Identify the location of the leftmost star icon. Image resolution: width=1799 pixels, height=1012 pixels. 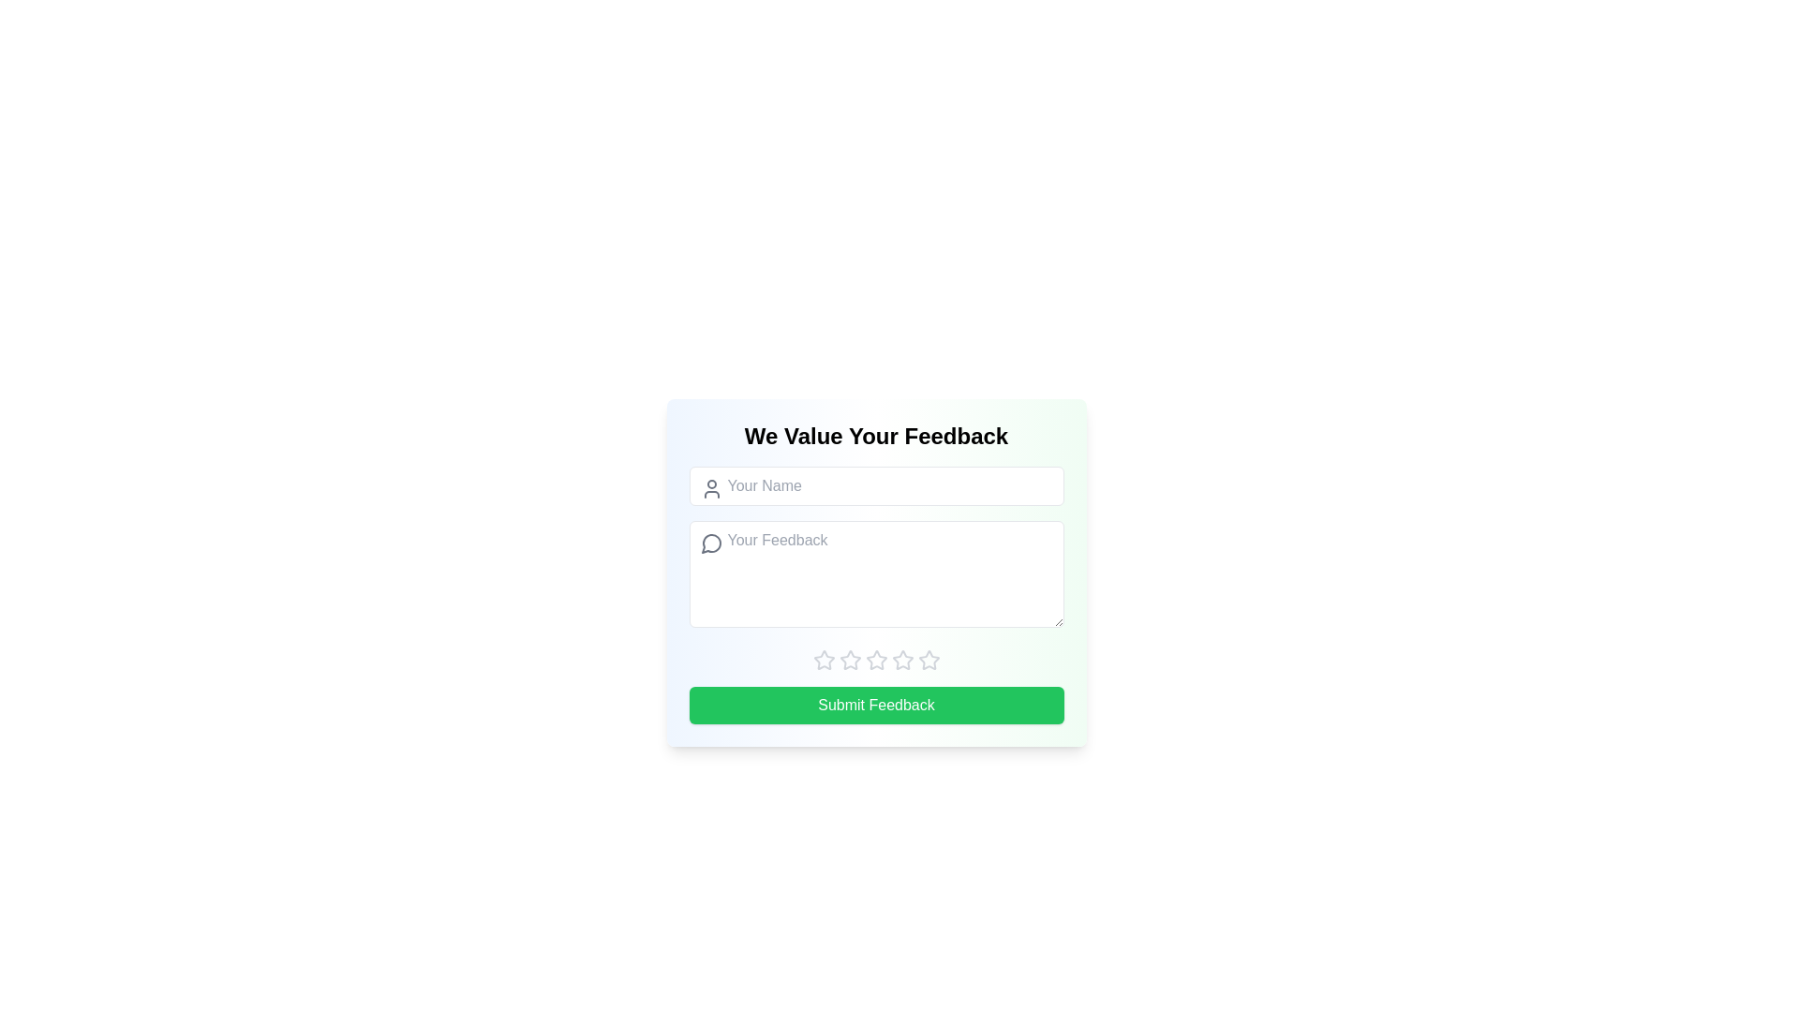
(824, 660).